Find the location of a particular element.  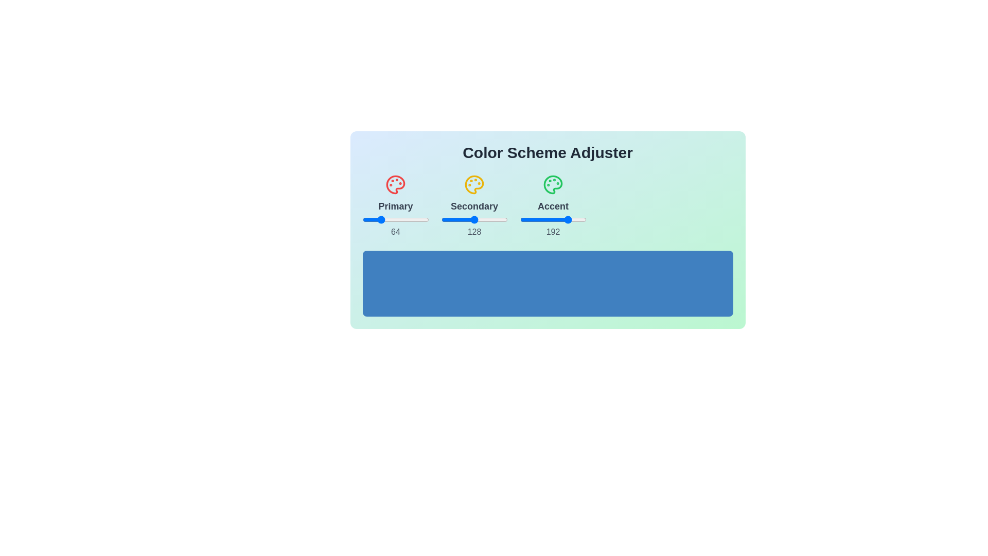

the 0 slider to 158 is located at coordinates (437, 219).